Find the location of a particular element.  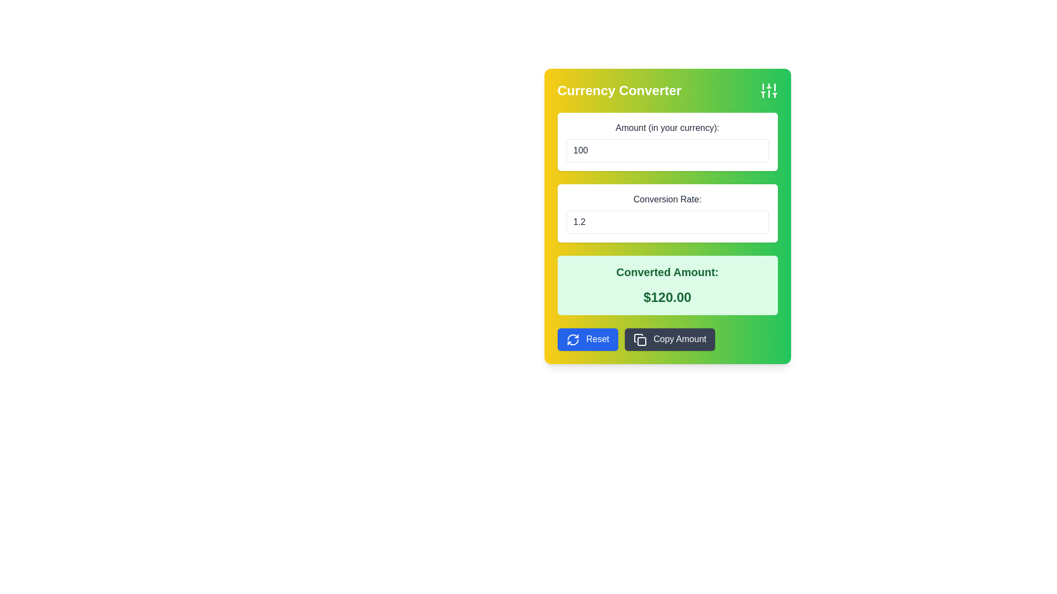

the 'Copy Amount' button, which has a dark gray background and white text is located at coordinates (667, 339).